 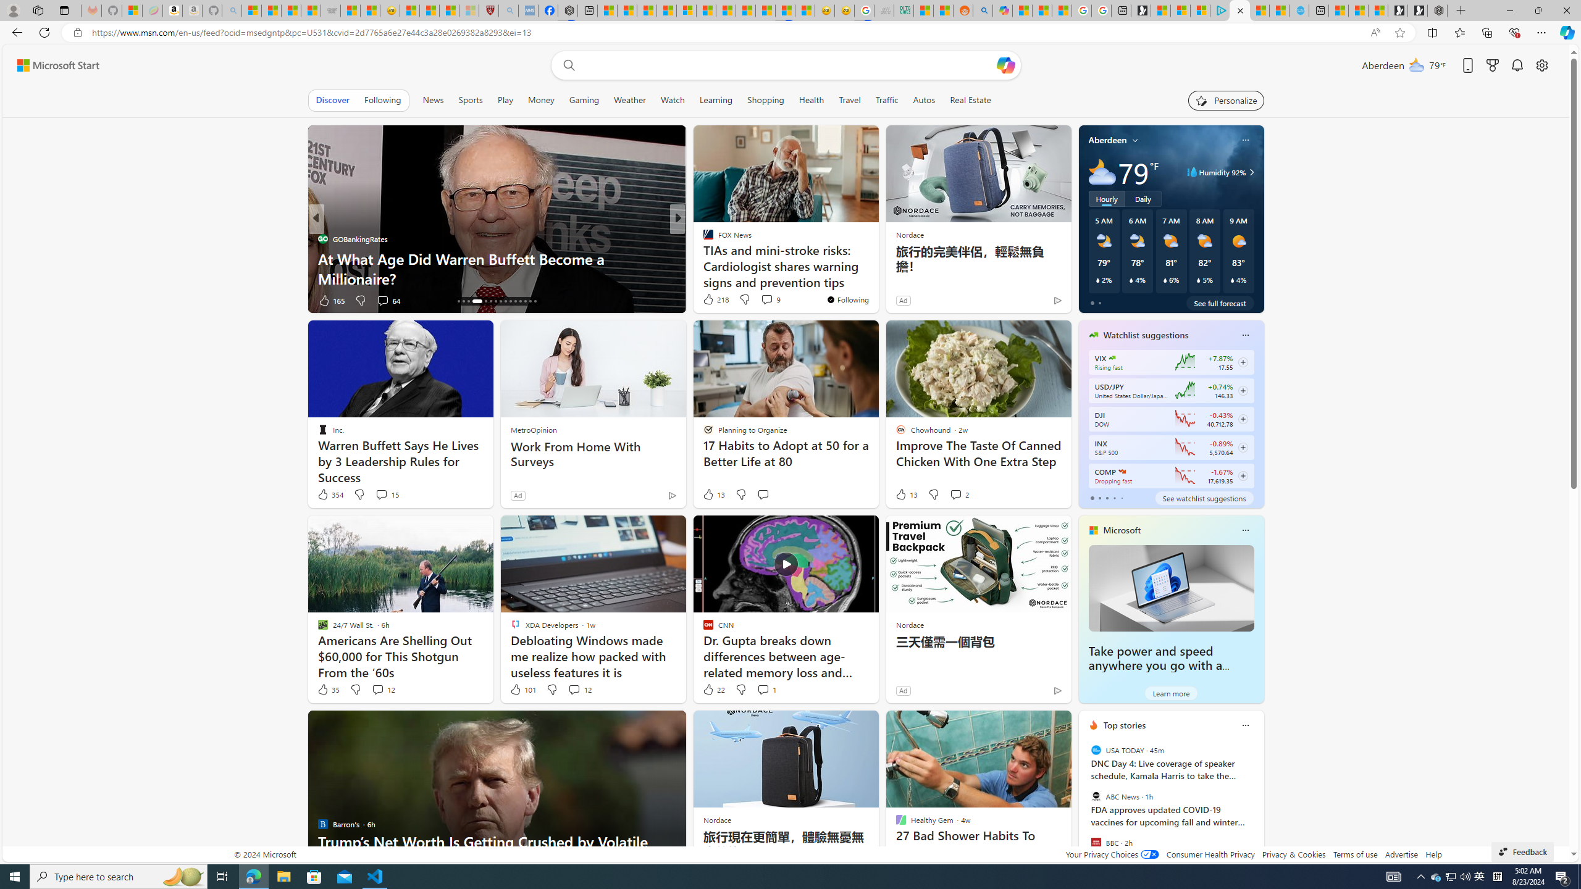 What do you see at coordinates (1249, 172) in the screenshot?
I see `'Humidity 92%'` at bounding box center [1249, 172].